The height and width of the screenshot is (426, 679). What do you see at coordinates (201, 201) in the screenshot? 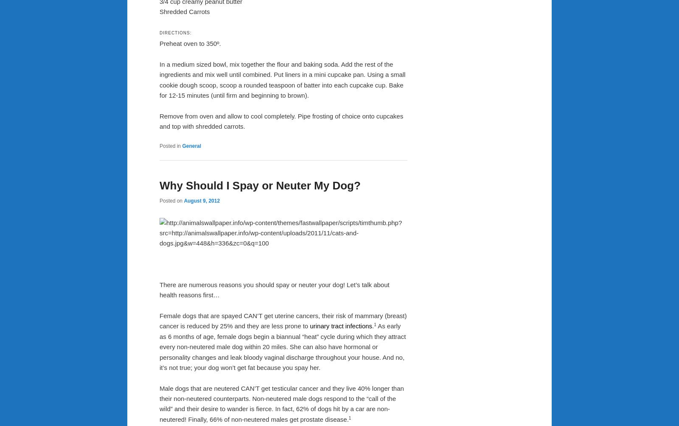
I see `'August 9, 2012'` at bounding box center [201, 201].